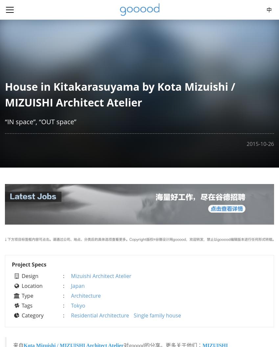  Describe the element at coordinates (27, 305) in the screenshot. I see `'Tags'` at that location.